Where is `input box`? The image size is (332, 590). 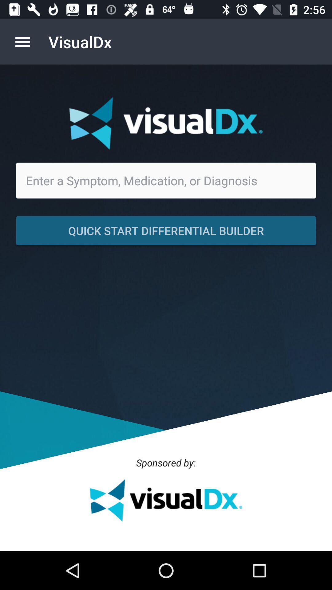 input box is located at coordinates (166, 180).